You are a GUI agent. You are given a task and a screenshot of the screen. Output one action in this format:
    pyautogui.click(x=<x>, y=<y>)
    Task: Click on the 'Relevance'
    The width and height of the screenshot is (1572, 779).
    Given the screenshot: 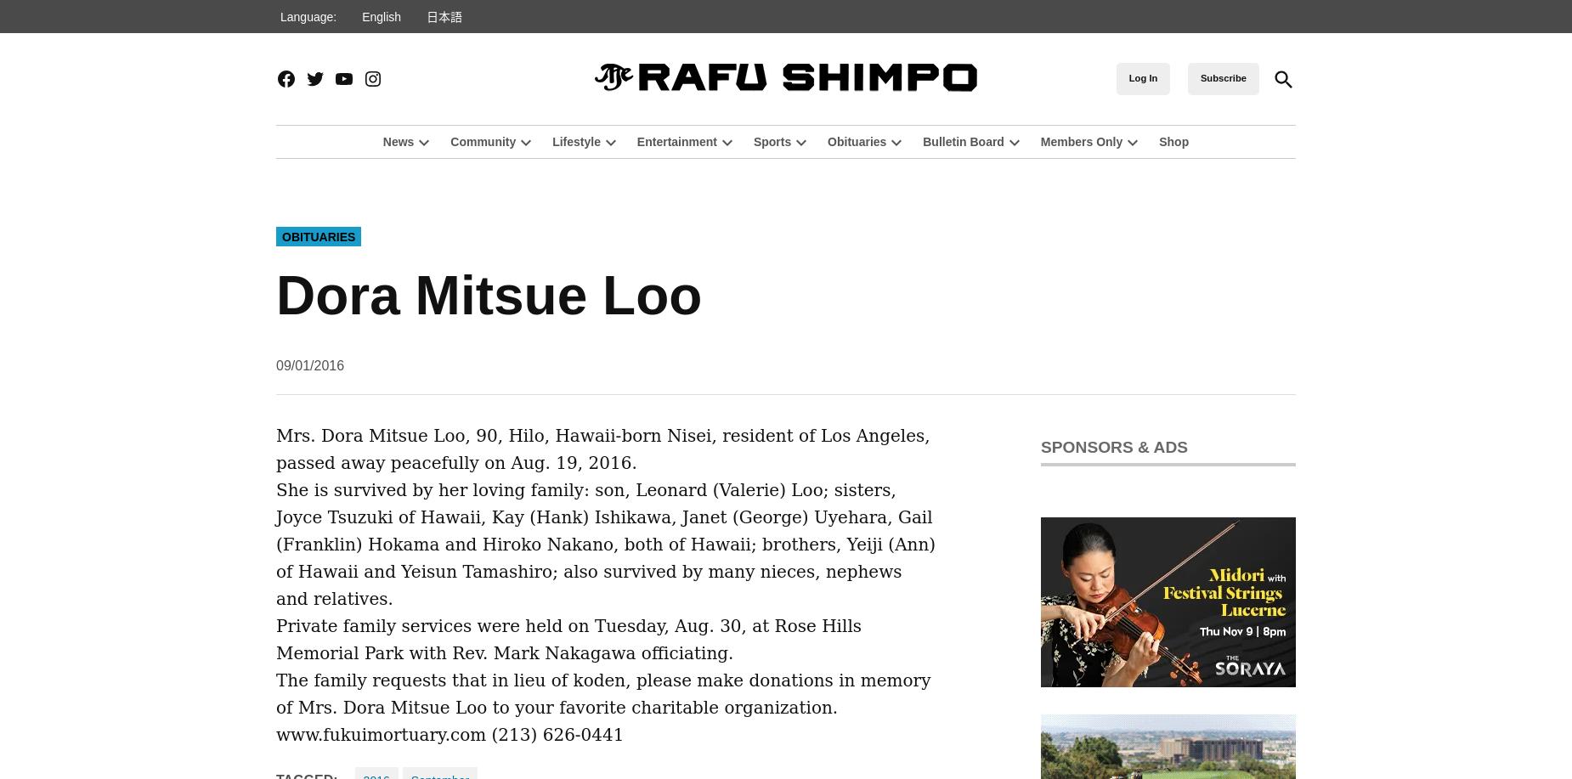 What is the action you would take?
    pyautogui.click(x=1327, y=112)
    